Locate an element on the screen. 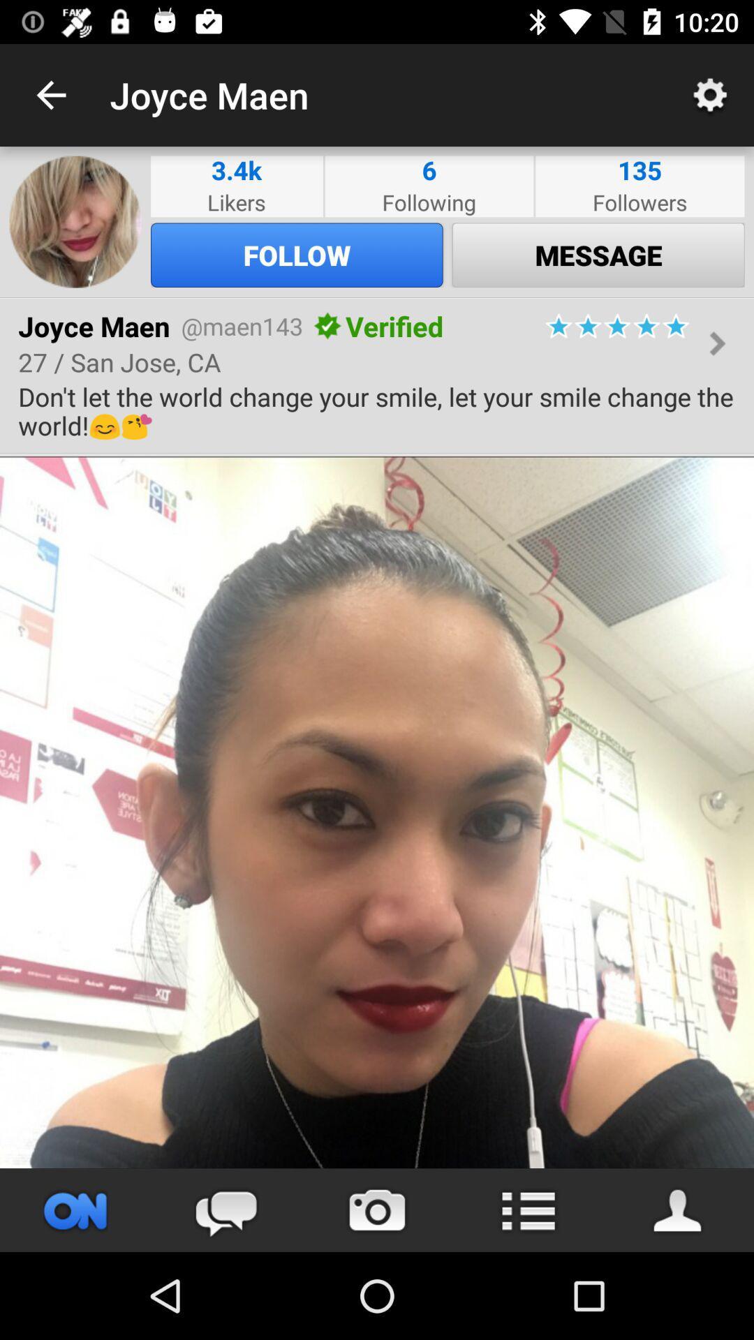 This screenshot has width=754, height=1340. icon to the right of the follow is located at coordinates (598, 255).